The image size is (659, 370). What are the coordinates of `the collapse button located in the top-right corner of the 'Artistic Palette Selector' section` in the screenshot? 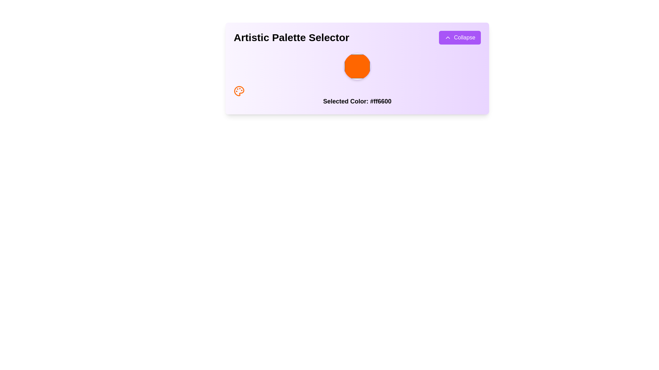 It's located at (460, 38).